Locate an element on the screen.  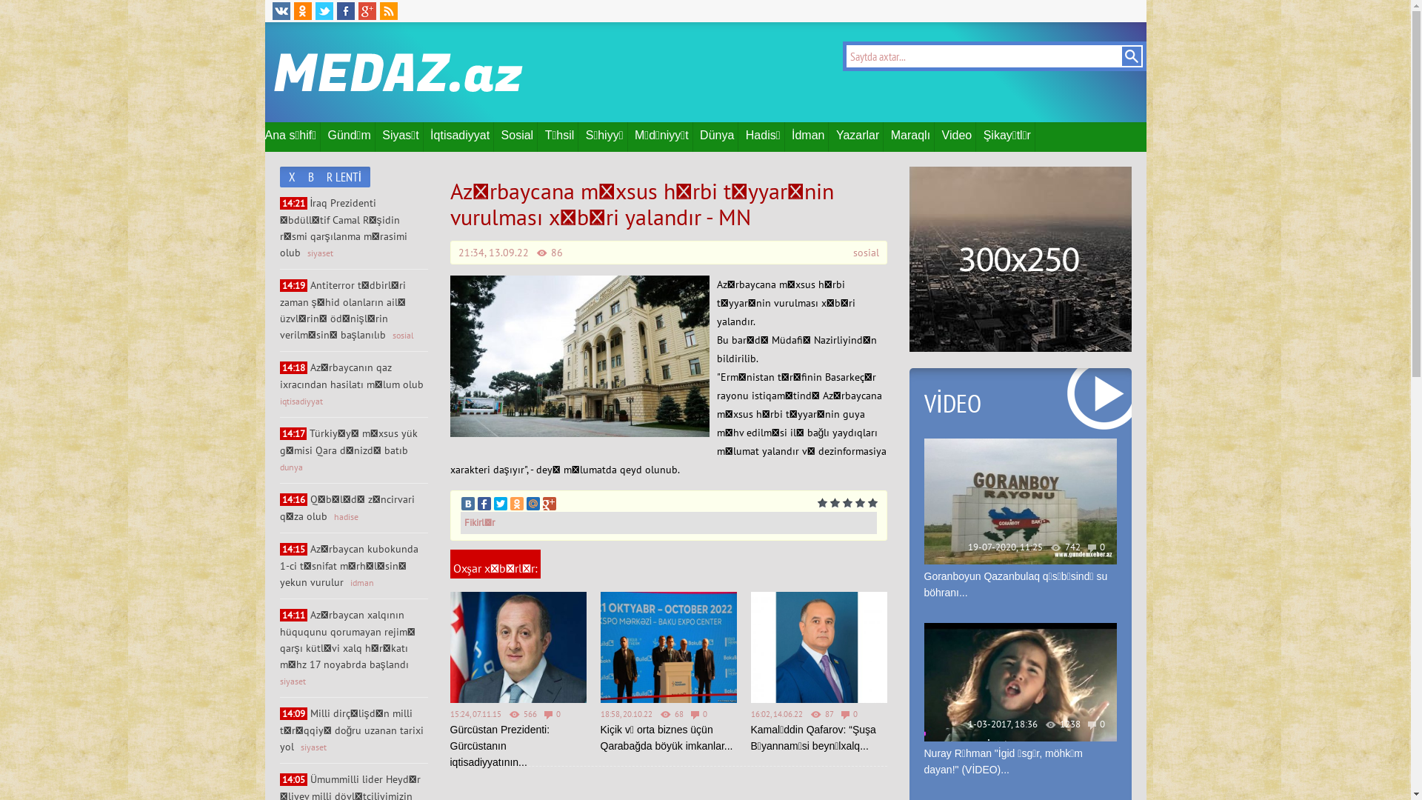
'iqtisadiyyat' is located at coordinates (280, 401).